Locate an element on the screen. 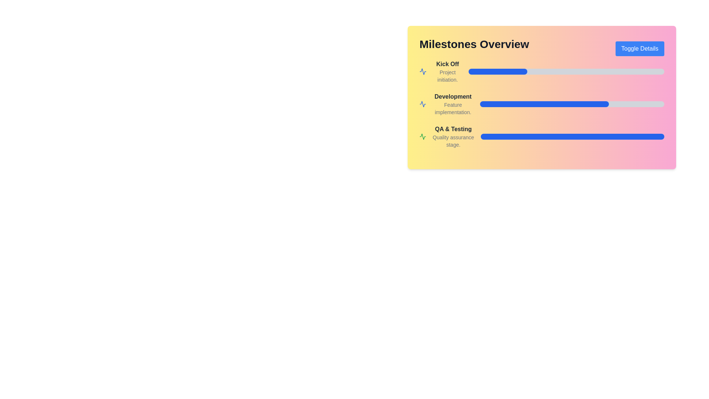 The width and height of the screenshot is (709, 399). the text label 'Development', which is styled in bold and is part of a vertical list of milestones in the 'Milestones Overview' section is located at coordinates (452, 96).